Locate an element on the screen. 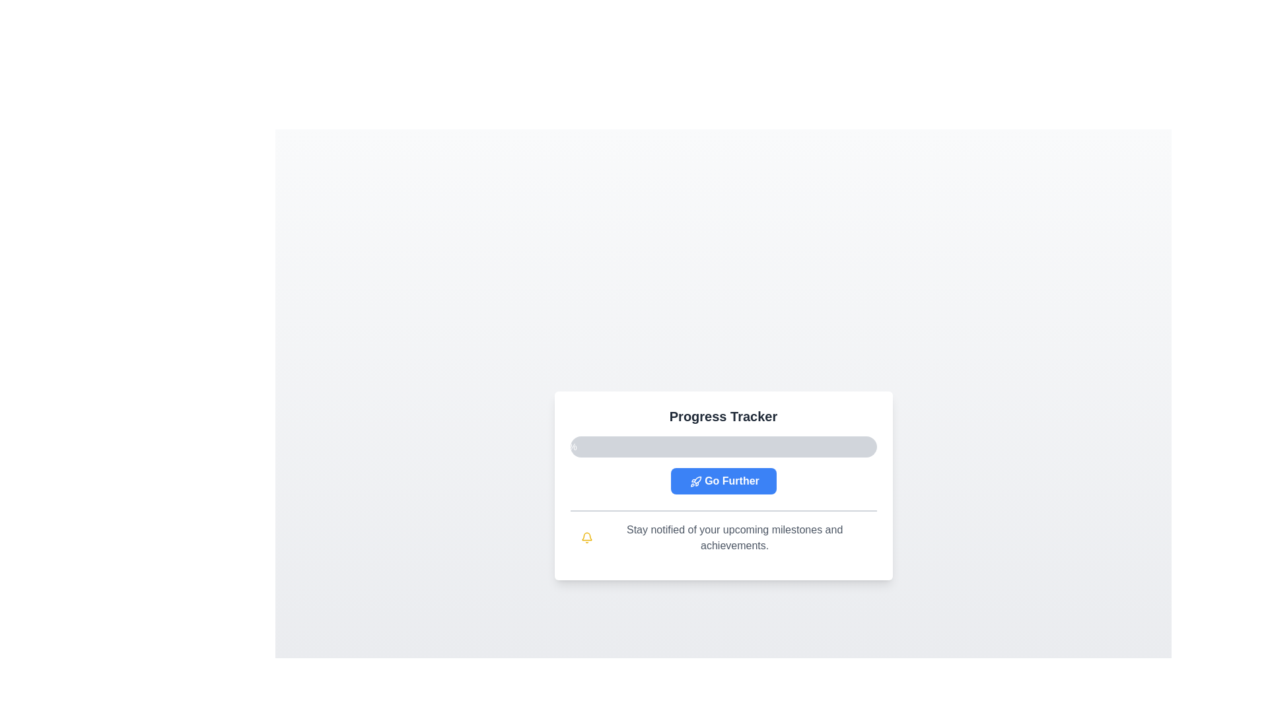  the informational text with bell icon located at the bottom of the 'Progress Tracker' card, below the 'Go Further' button is located at coordinates (722, 537).